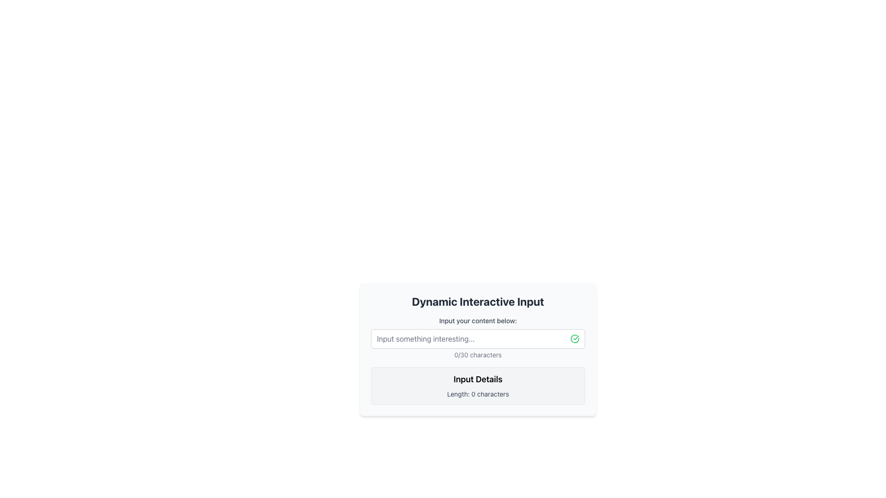 This screenshot has height=498, width=886. What do you see at coordinates (478, 302) in the screenshot?
I see `the Text Label that serves as the header for the card component, which is centrally aligned and positioned at the topmost position within the card` at bounding box center [478, 302].